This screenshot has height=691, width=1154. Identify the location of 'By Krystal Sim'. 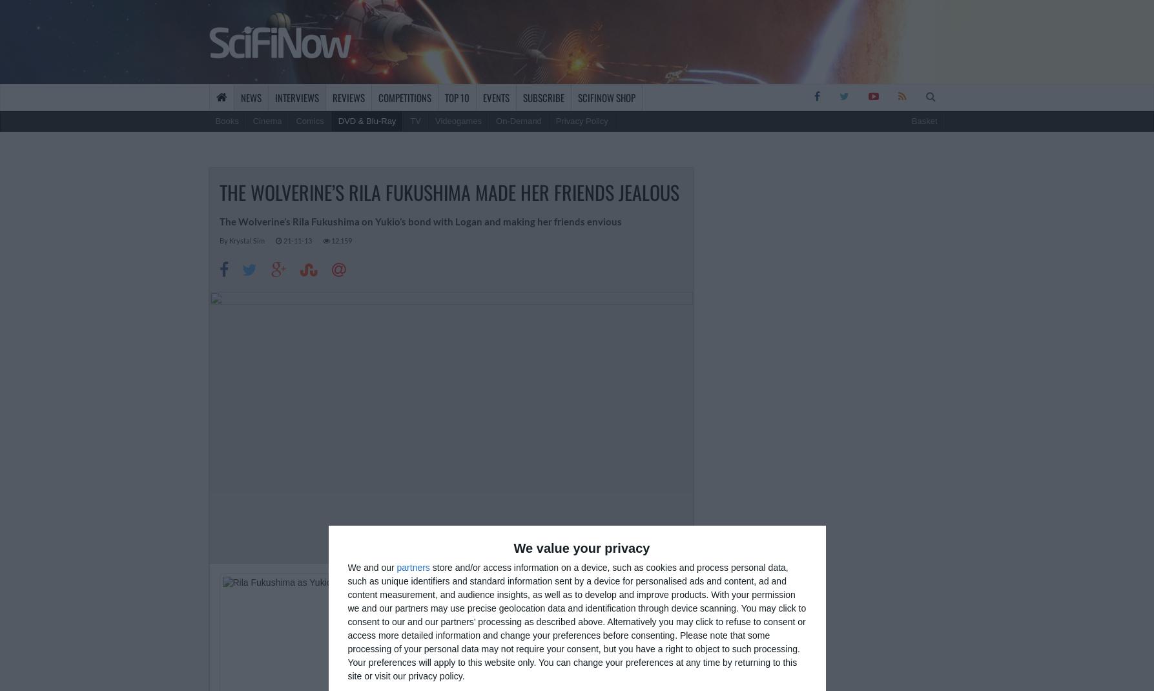
(218, 239).